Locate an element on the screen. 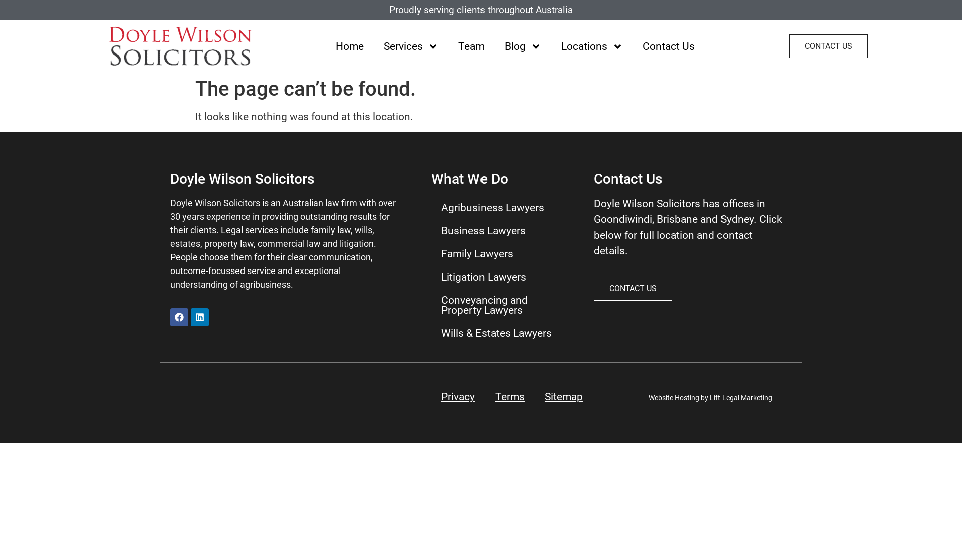 Image resolution: width=962 pixels, height=541 pixels. 'Business Lawyers' is located at coordinates (431, 231).